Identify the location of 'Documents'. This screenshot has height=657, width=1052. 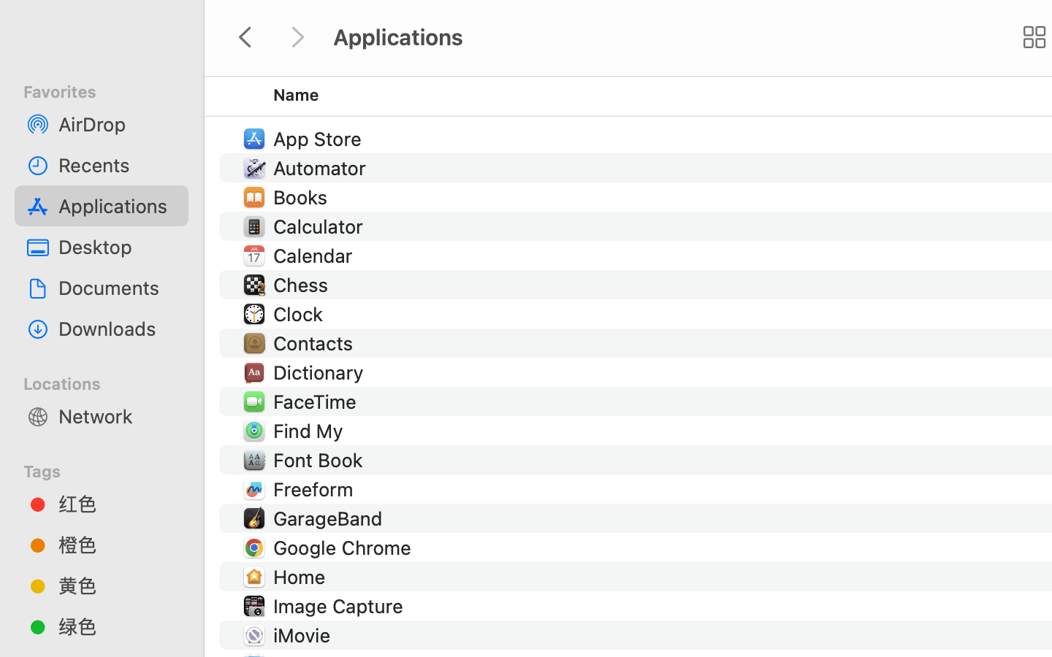
(116, 288).